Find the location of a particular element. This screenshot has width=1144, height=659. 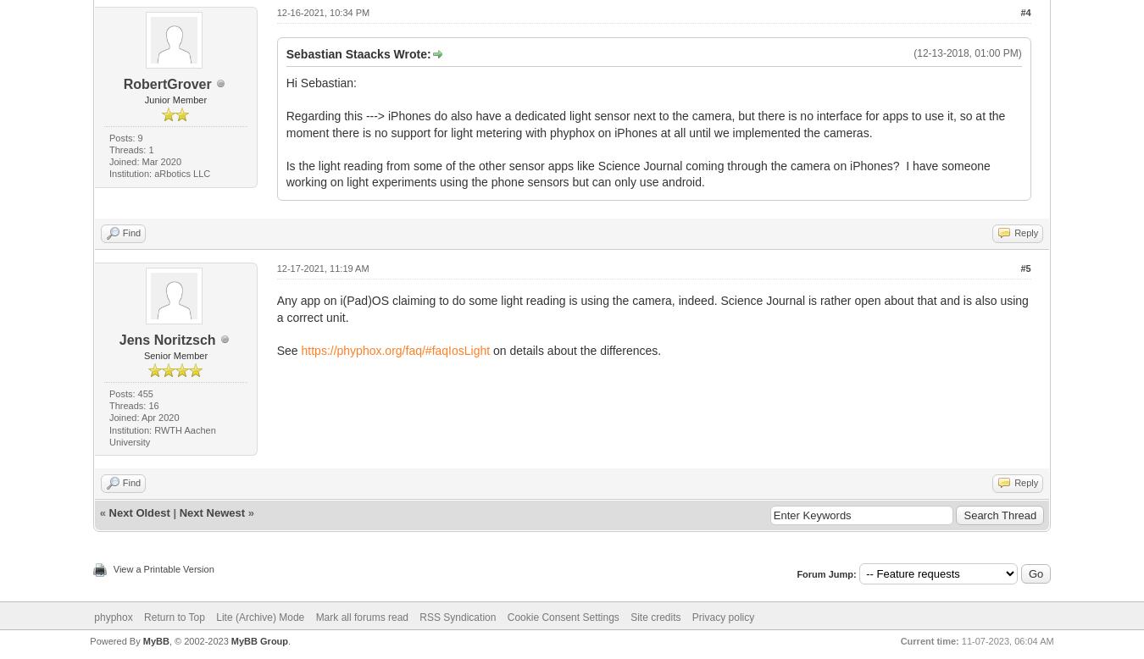

'MyBB' is located at coordinates (155, 640).